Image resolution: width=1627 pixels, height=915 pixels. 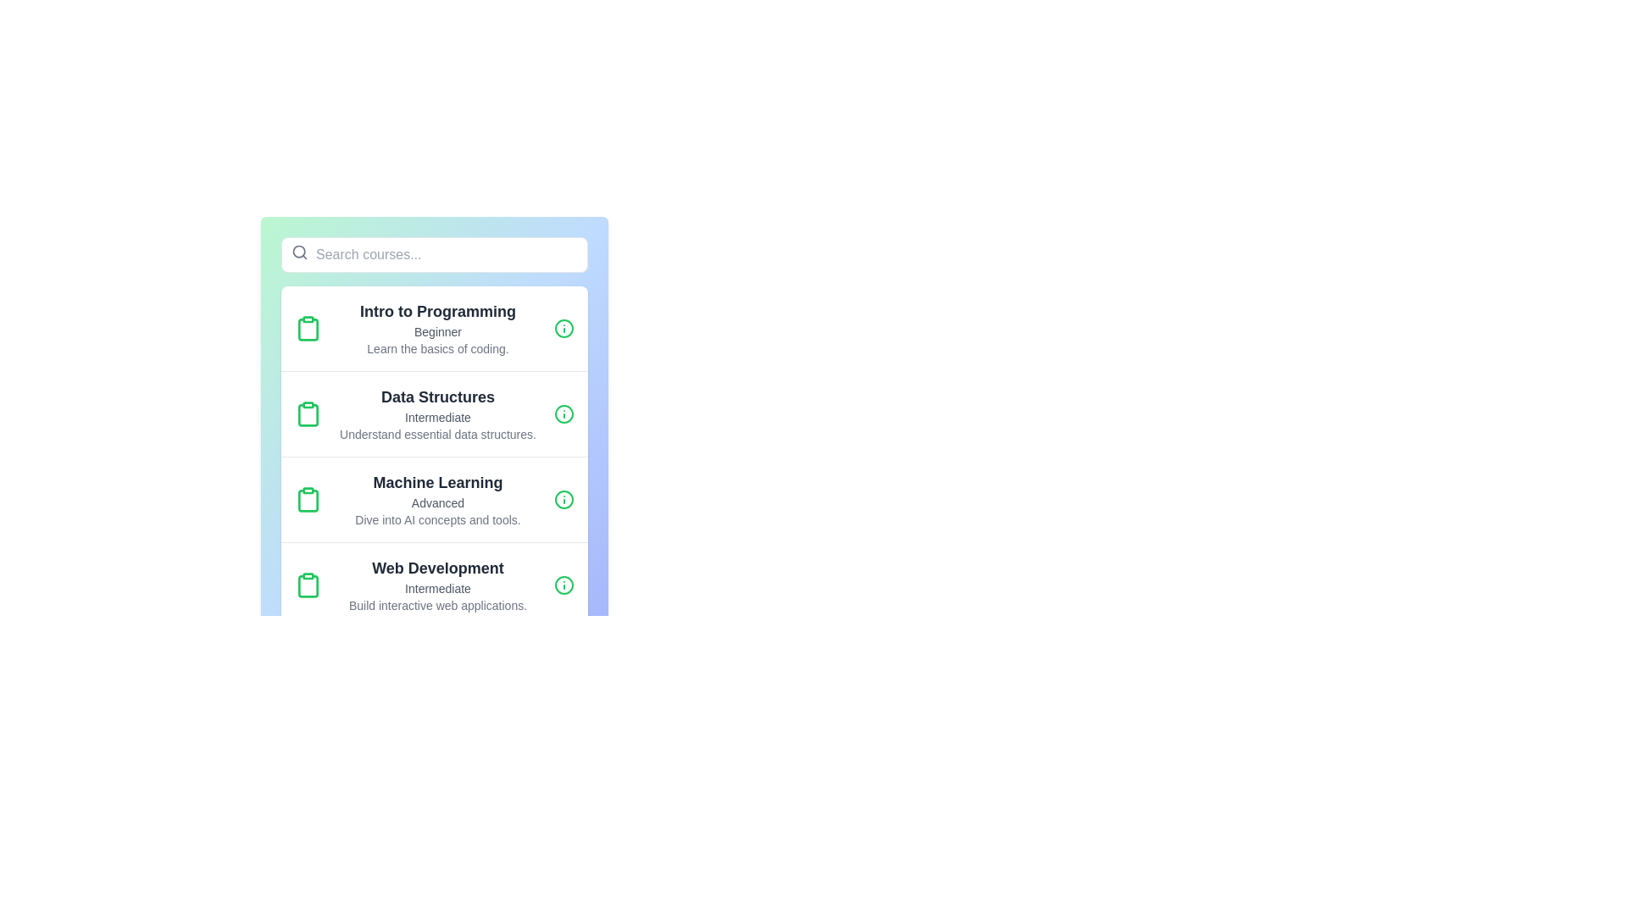 I want to click on the static text element that indicates the difficulty level 'Advanced' for the course titled 'Machine Learning', which is located directly below the course title and above the course description, so click(x=438, y=502).